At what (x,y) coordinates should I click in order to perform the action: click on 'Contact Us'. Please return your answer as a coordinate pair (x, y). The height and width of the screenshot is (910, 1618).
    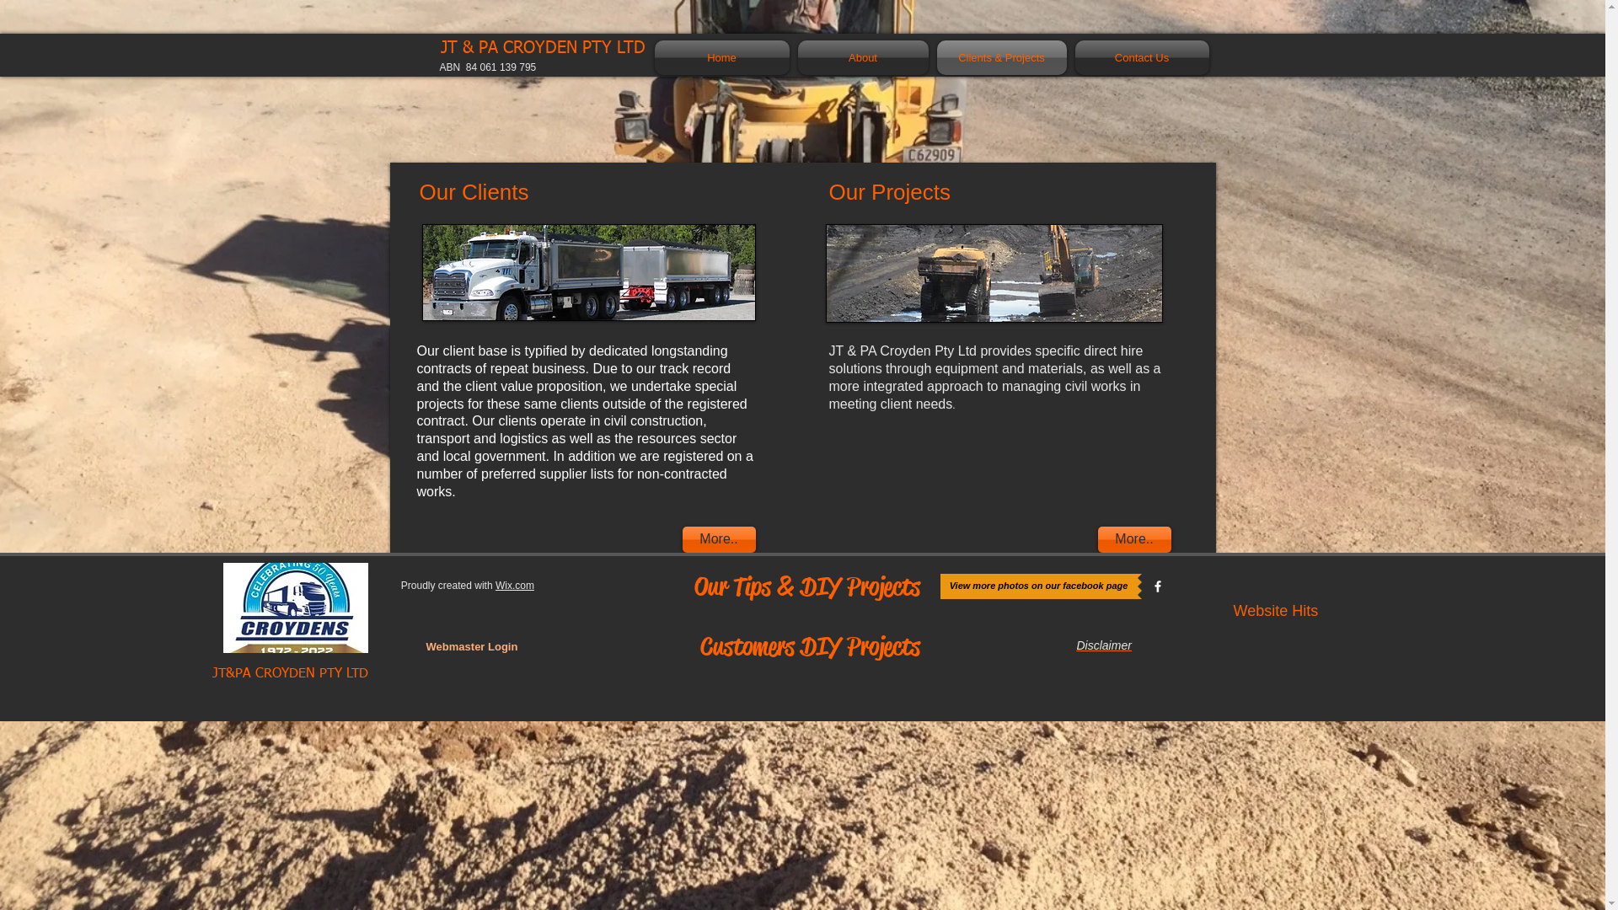
    Looking at the image, I should click on (1139, 56).